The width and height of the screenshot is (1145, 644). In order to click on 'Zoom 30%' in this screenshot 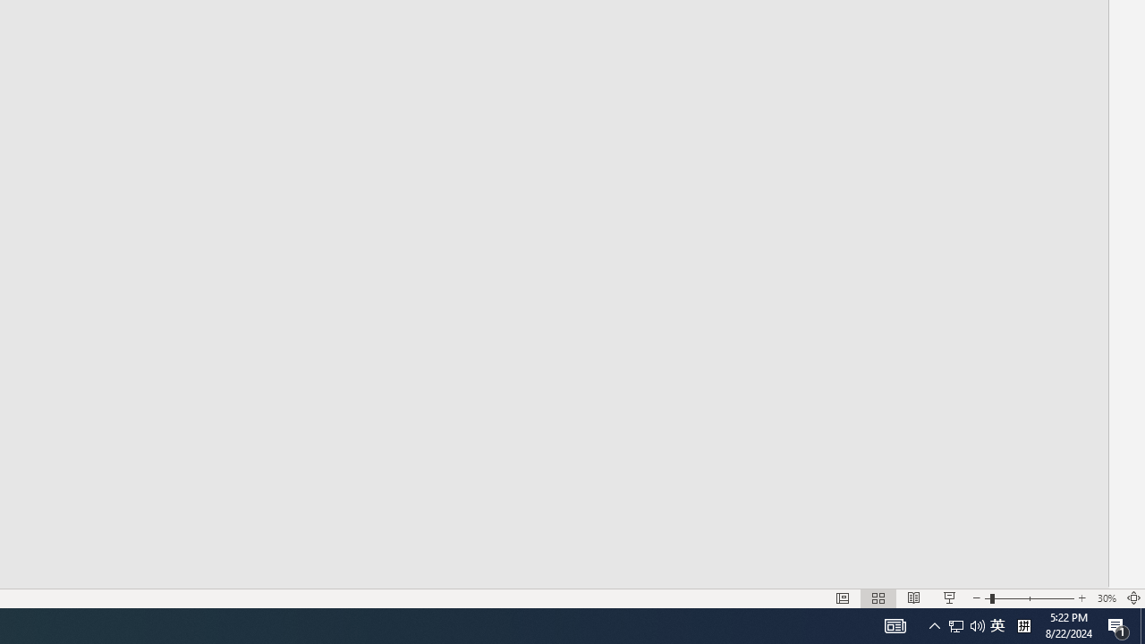, I will do `click(1106, 598)`.